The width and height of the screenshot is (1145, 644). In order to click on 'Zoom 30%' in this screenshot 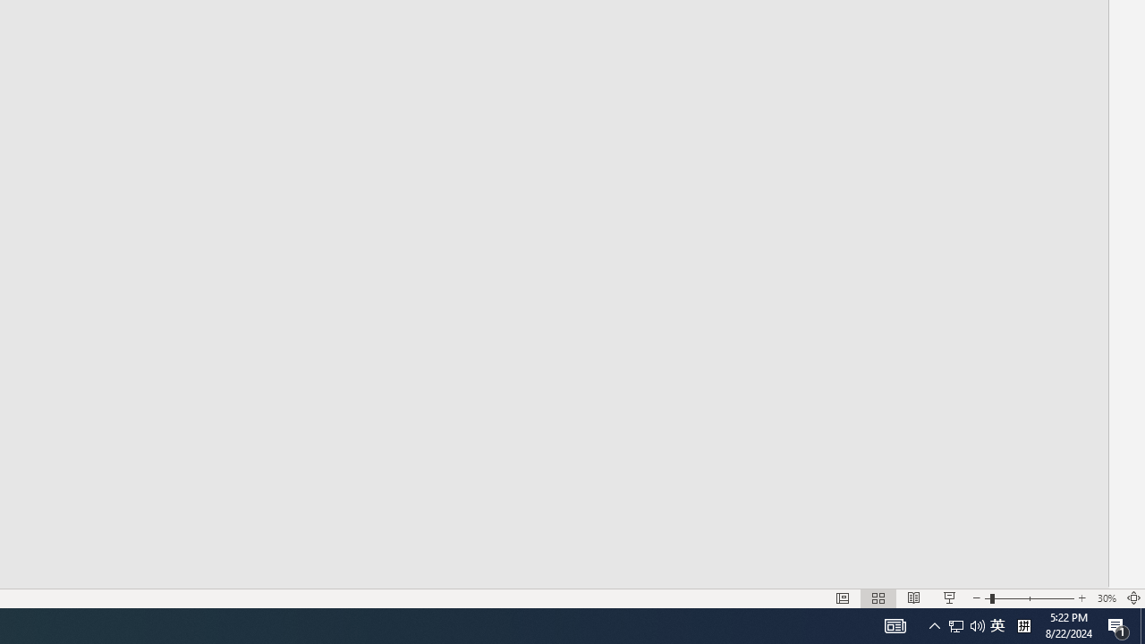, I will do `click(1106, 598)`.